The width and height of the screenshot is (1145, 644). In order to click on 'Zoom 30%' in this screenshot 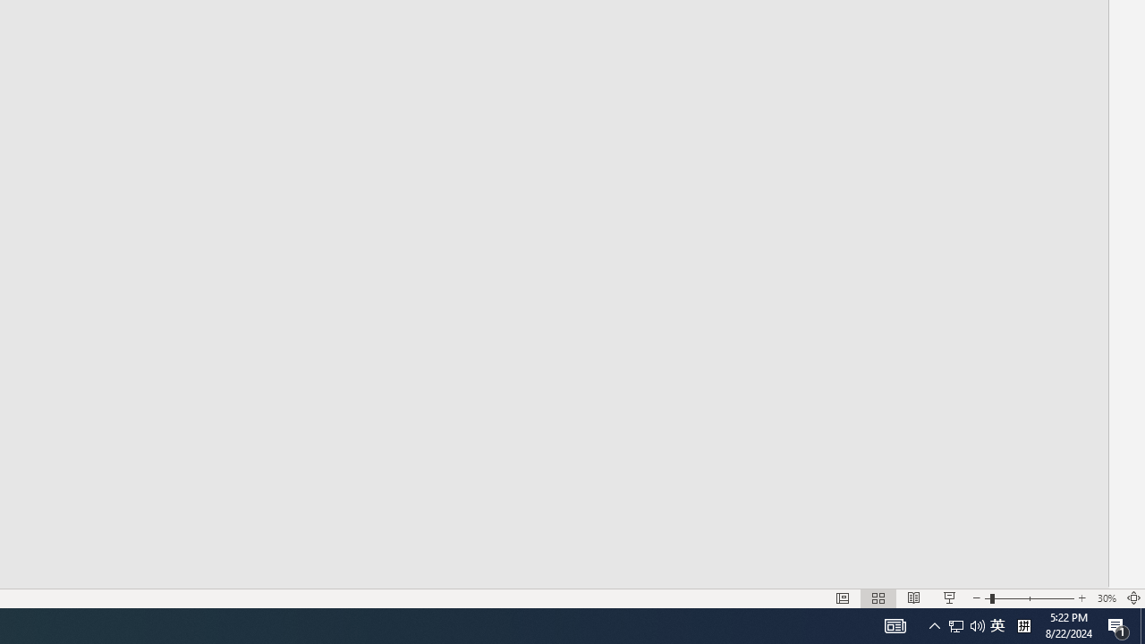, I will do `click(1106, 598)`.